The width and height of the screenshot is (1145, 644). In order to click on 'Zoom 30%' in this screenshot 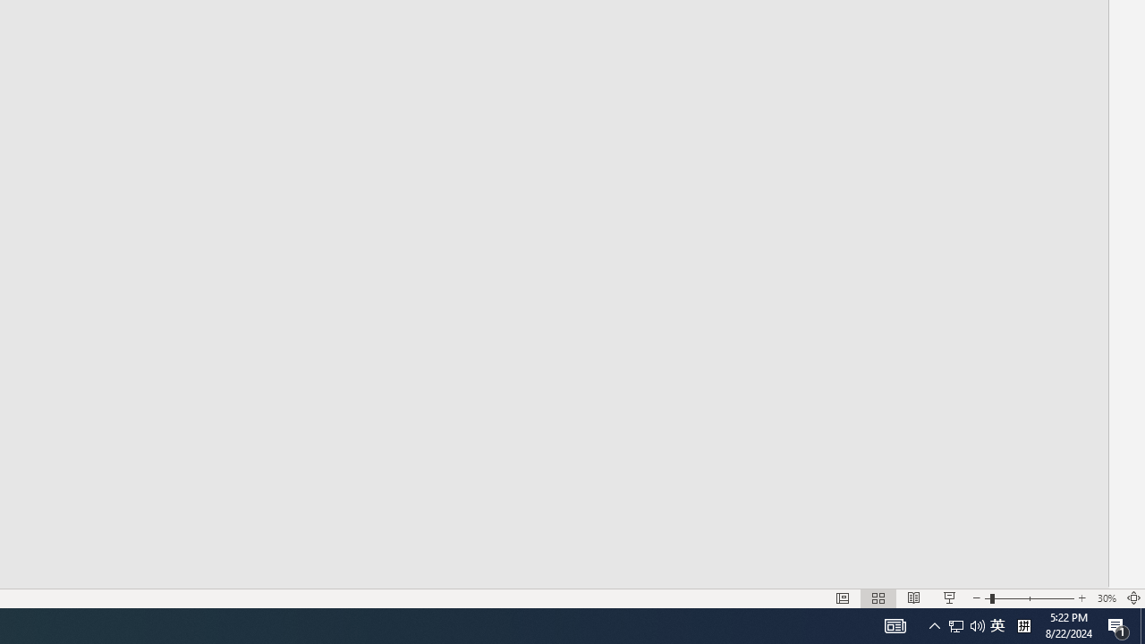, I will do `click(1106, 598)`.